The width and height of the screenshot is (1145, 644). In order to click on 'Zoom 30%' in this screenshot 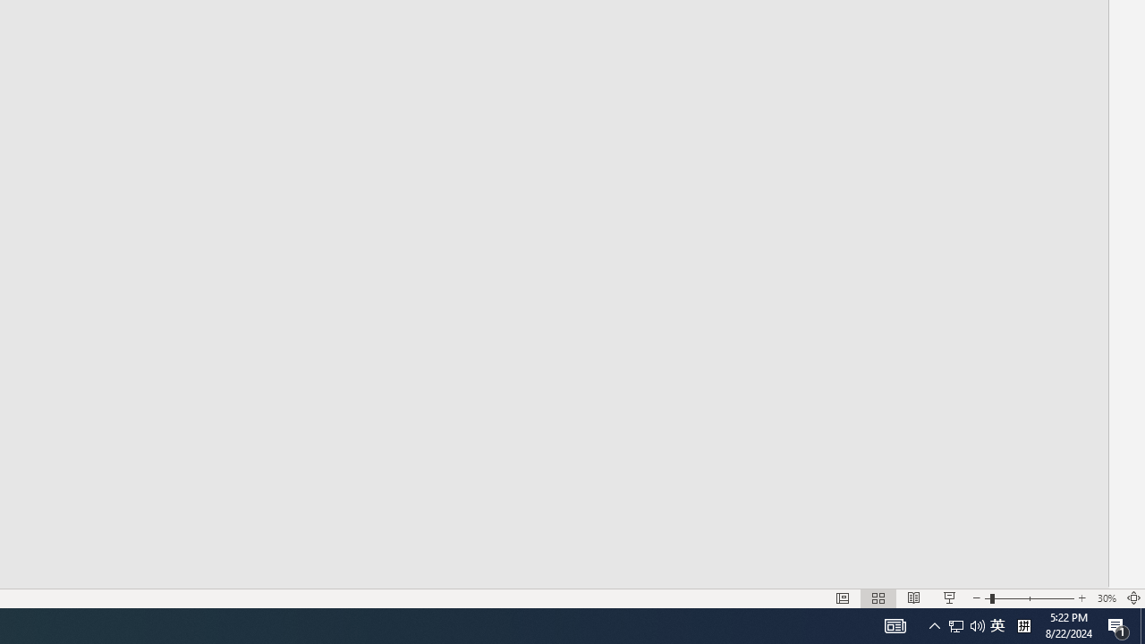, I will do `click(1106, 598)`.